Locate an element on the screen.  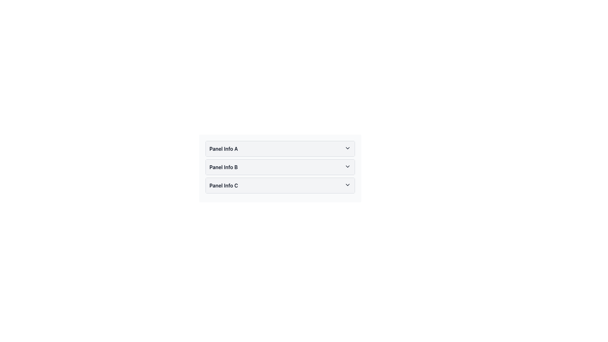
the Chevron Icon located at the right end of the 'Panel Info B' panel is located at coordinates (347, 166).